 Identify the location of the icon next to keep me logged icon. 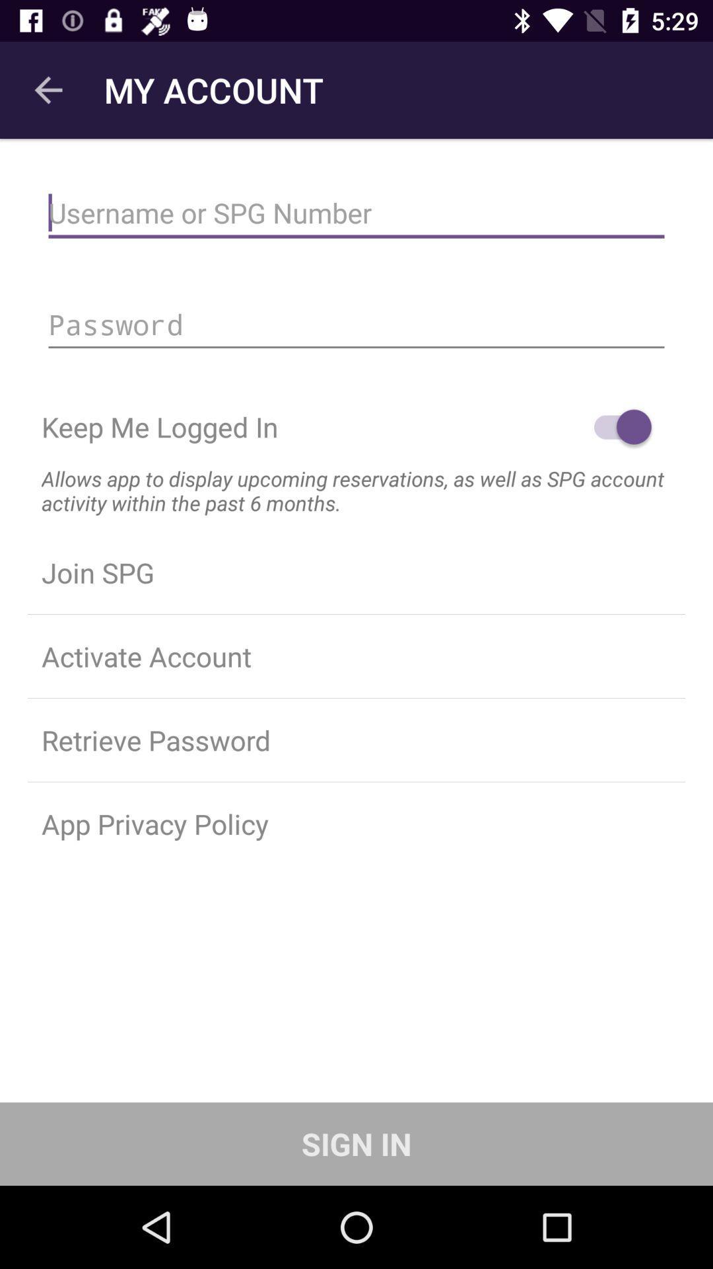
(616, 427).